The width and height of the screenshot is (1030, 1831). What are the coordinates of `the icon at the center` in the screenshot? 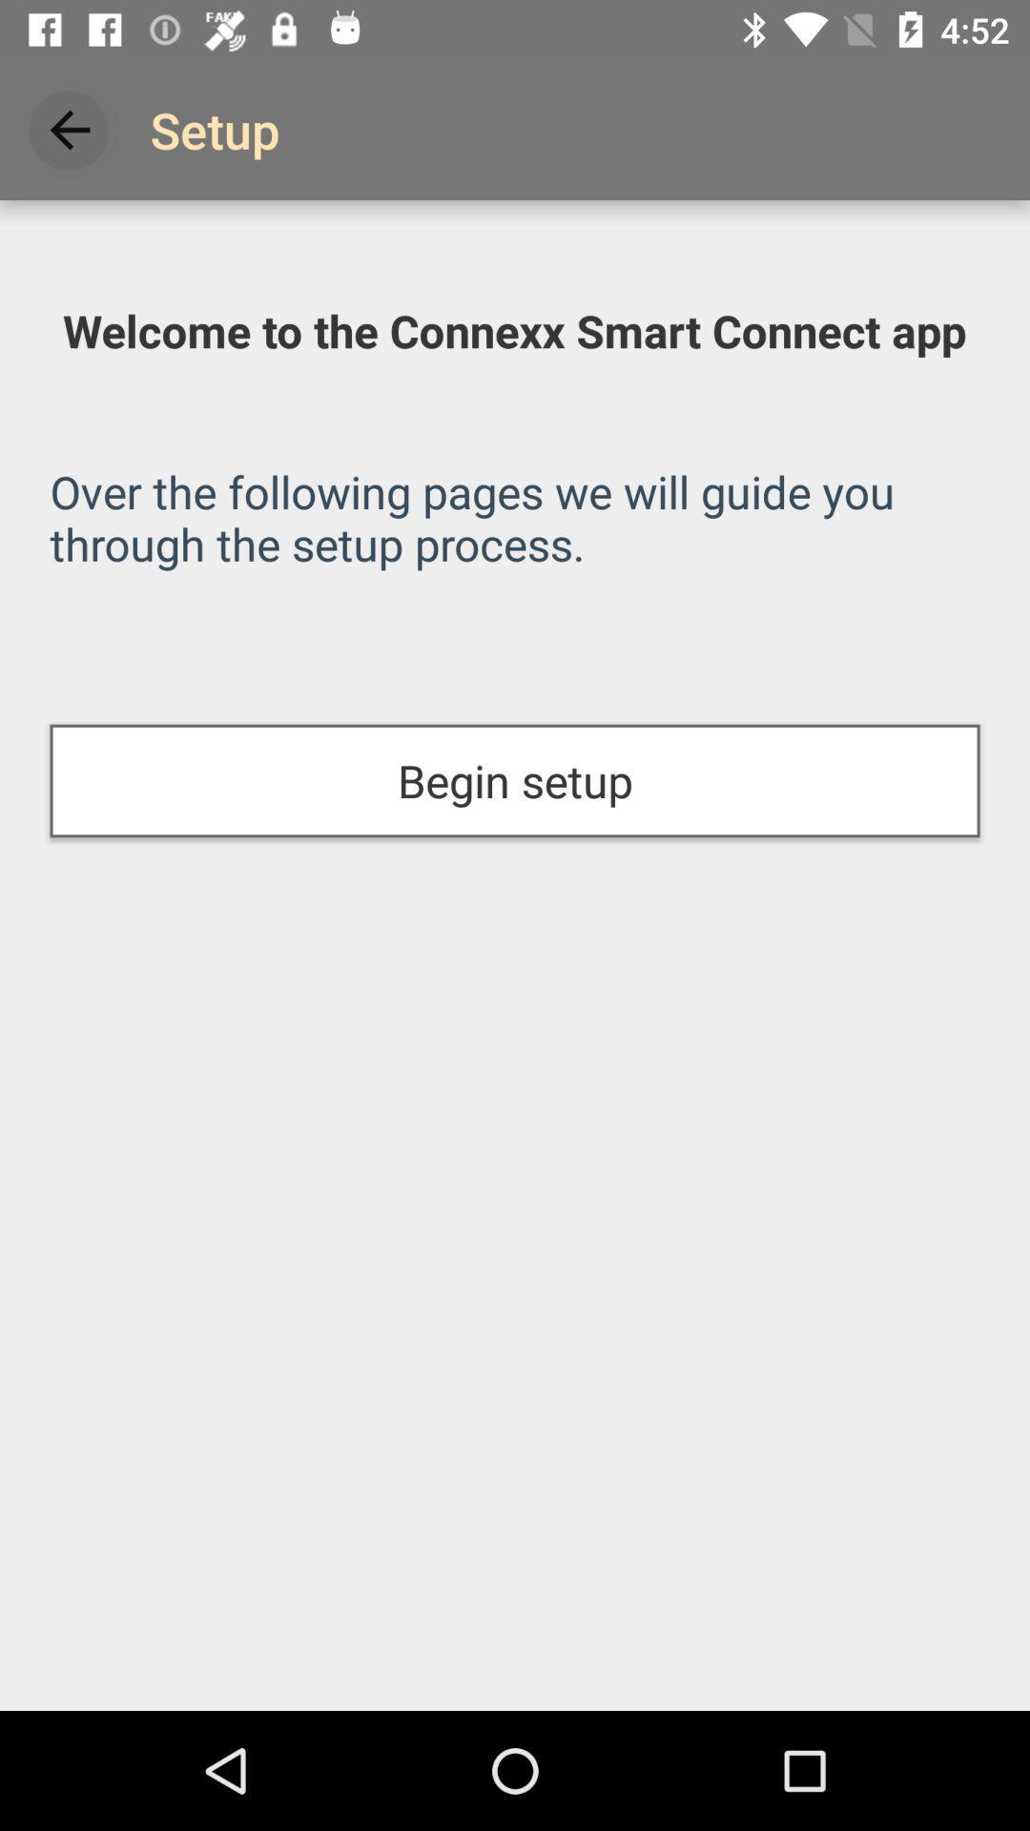 It's located at (515, 781).